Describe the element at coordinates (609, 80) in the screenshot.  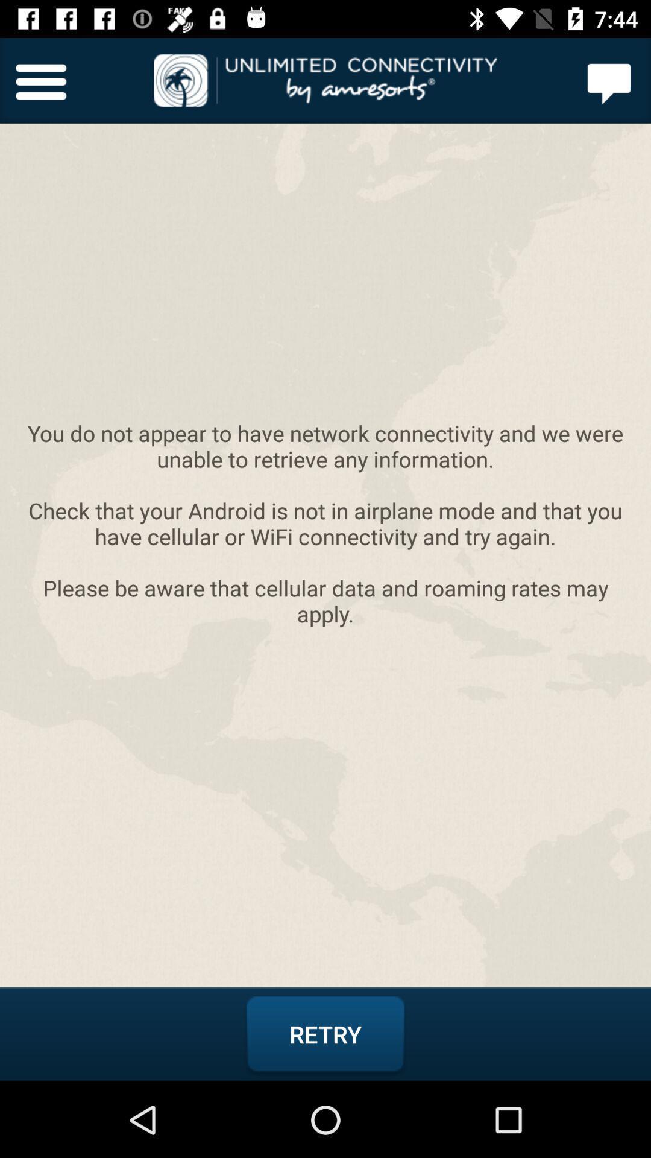
I see `the chat icon` at that location.